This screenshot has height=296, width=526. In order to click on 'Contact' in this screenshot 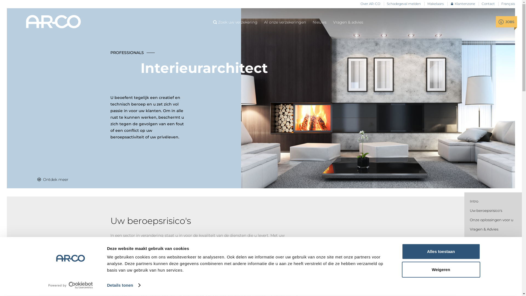, I will do `click(481, 4)`.